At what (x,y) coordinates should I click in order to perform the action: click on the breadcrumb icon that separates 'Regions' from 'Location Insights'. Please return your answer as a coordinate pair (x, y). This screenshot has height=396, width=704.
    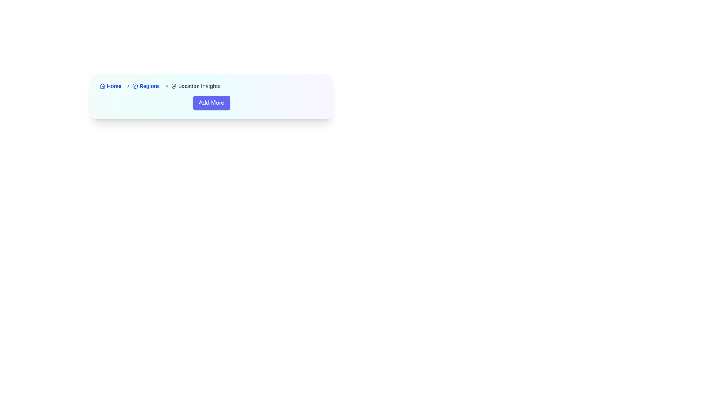
    Looking at the image, I should click on (166, 86).